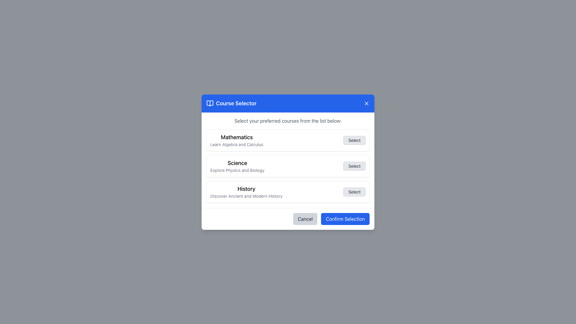 This screenshot has width=576, height=324. What do you see at coordinates (236, 140) in the screenshot?
I see `text from the course option element titled 'Mathematics' which provides a description 'Learn Algebra and Calculus' in the upper section of the modal's course options` at bounding box center [236, 140].